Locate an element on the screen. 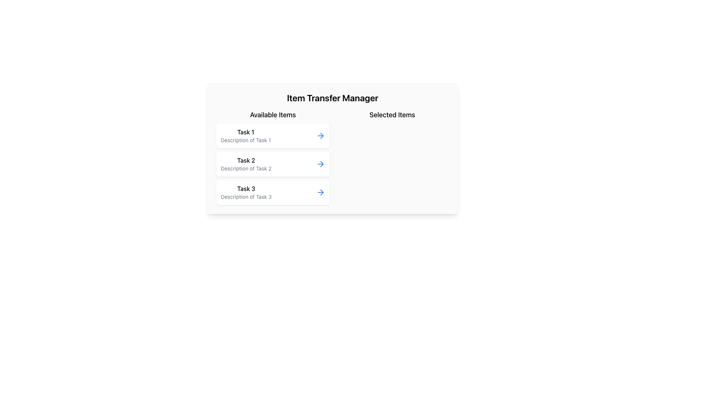  the text label 'Task 2', which serves as a concise identifier for the associated task description in the left section under 'Available Items' is located at coordinates (246, 160).